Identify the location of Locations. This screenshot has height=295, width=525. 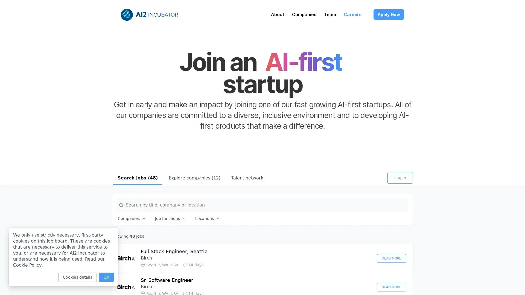
(207, 218).